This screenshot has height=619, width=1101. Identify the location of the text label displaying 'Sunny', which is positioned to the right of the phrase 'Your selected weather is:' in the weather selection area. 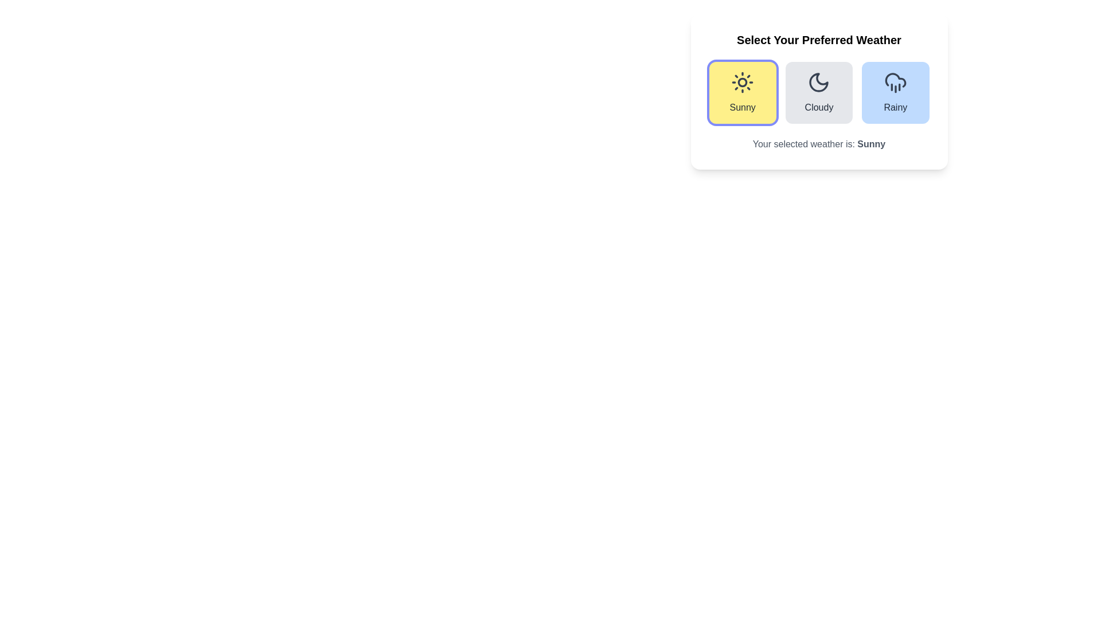
(871, 143).